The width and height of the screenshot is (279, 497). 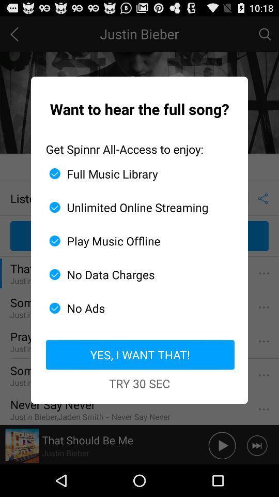 What do you see at coordinates (139, 355) in the screenshot?
I see `yes i want button` at bounding box center [139, 355].